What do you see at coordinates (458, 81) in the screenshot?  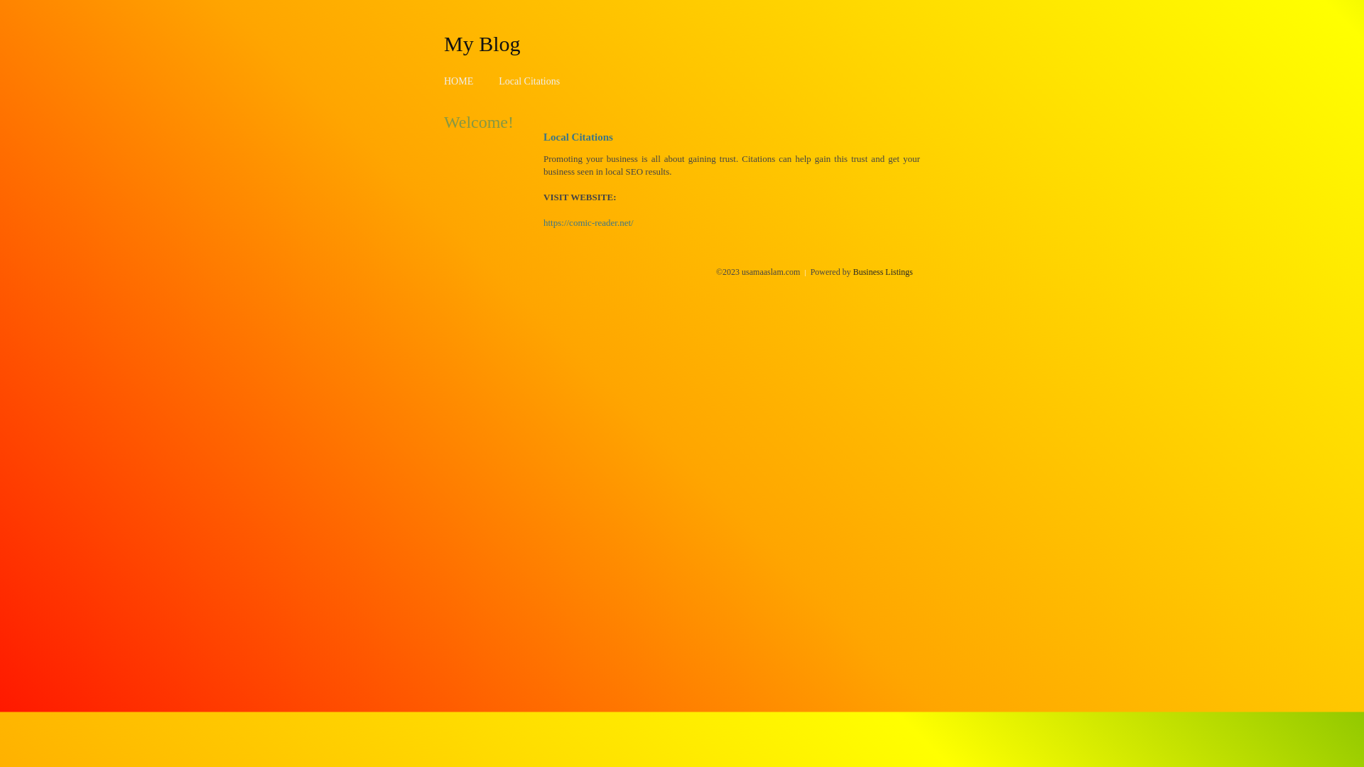 I see `'HOME'` at bounding box center [458, 81].